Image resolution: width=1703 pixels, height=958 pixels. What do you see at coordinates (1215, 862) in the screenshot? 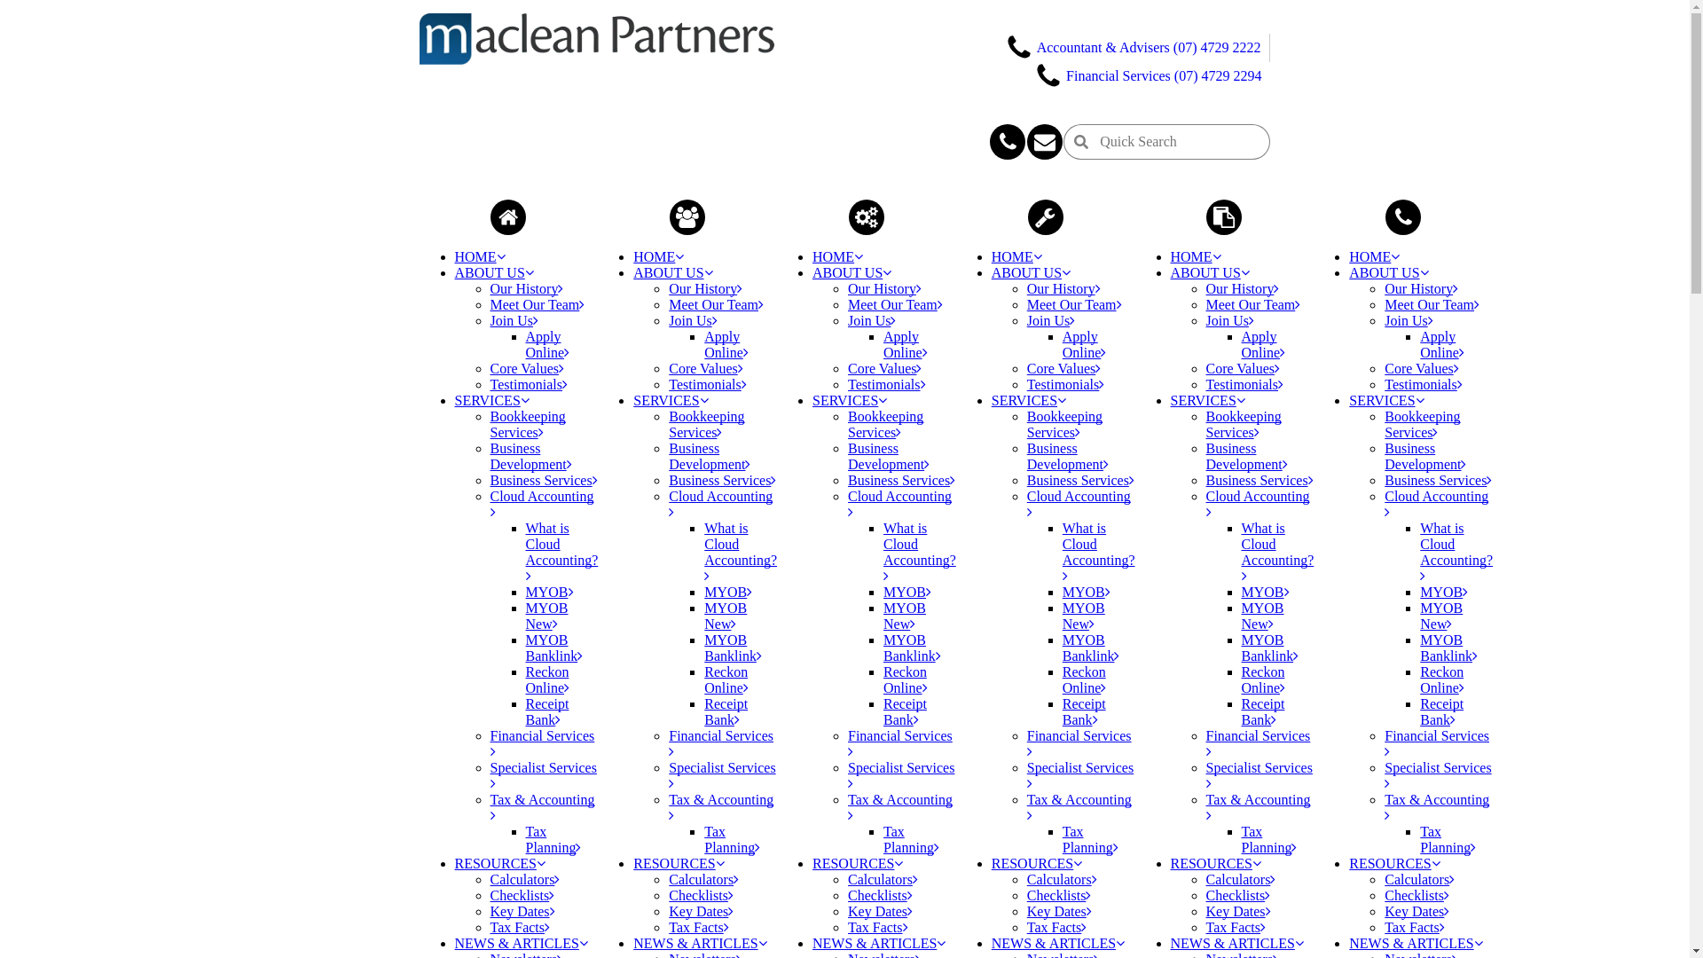
I see `'RESOURCES'` at bounding box center [1215, 862].